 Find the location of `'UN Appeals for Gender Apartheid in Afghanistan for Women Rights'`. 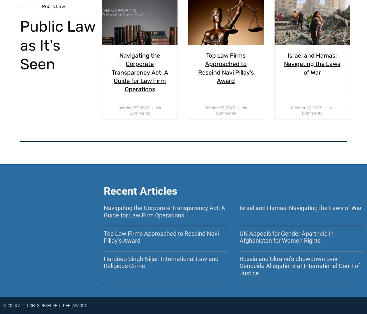

'UN Appeals for Gender Apartheid in Afghanistan for Women Rights' is located at coordinates (286, 236).